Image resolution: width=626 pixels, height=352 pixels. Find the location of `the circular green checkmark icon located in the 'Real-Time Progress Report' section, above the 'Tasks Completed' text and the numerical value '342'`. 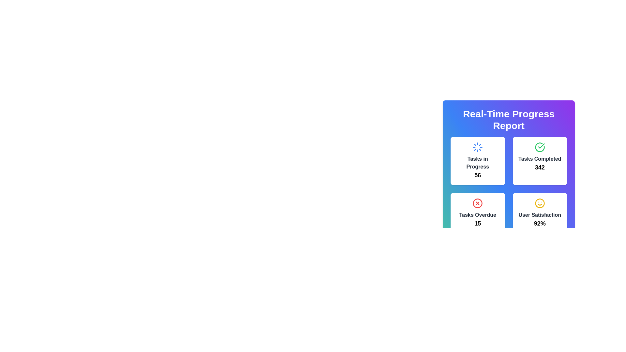

the circular green checkmark icon located in the 'Real-Time Progress Report' section, above the 'Tasks Completed' text and the numerical value '342' is located at coordinates (540, 147).